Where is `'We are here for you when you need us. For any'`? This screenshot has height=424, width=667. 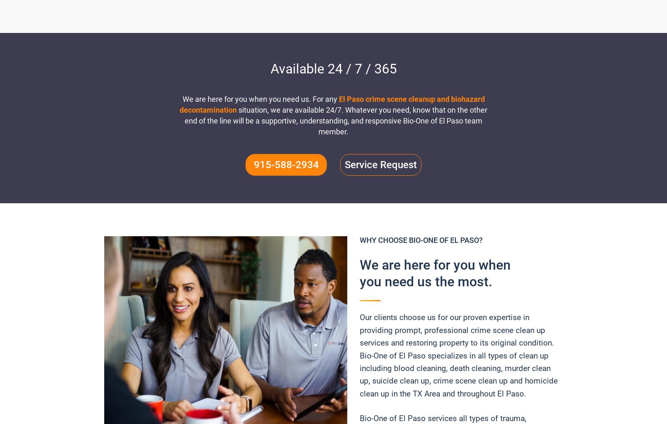
'We are here for you when you need us. For any' is located at coordinates (260, 98).